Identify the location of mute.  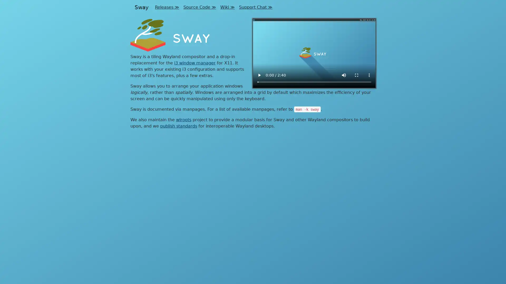
(344, 75).